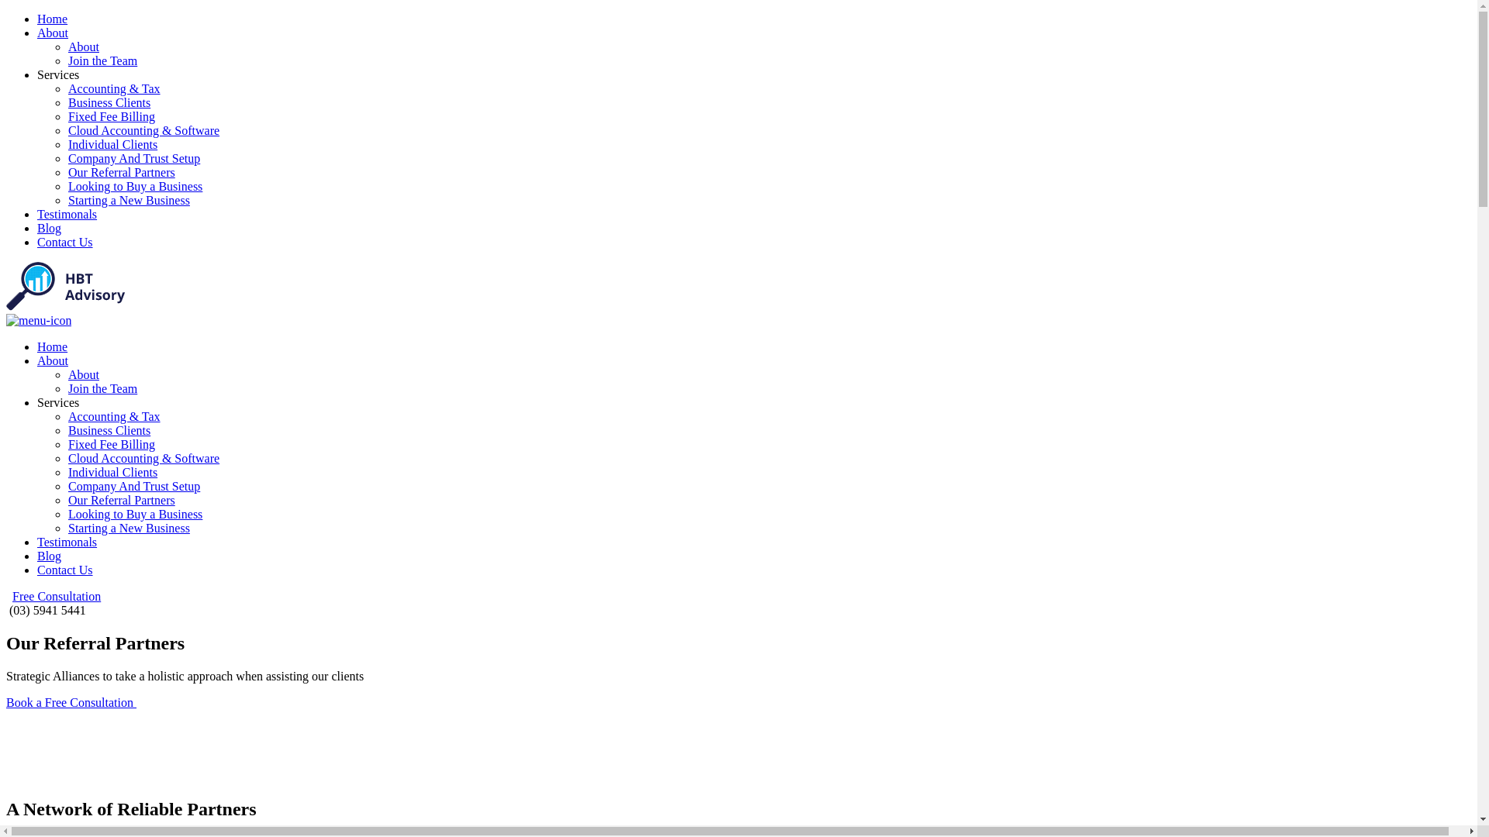 Image resolution: width=1489 pixels, height=837 pixels. Describe the element at coordinates (52, 19) in the screenshot. I see `'Home'` at that location.